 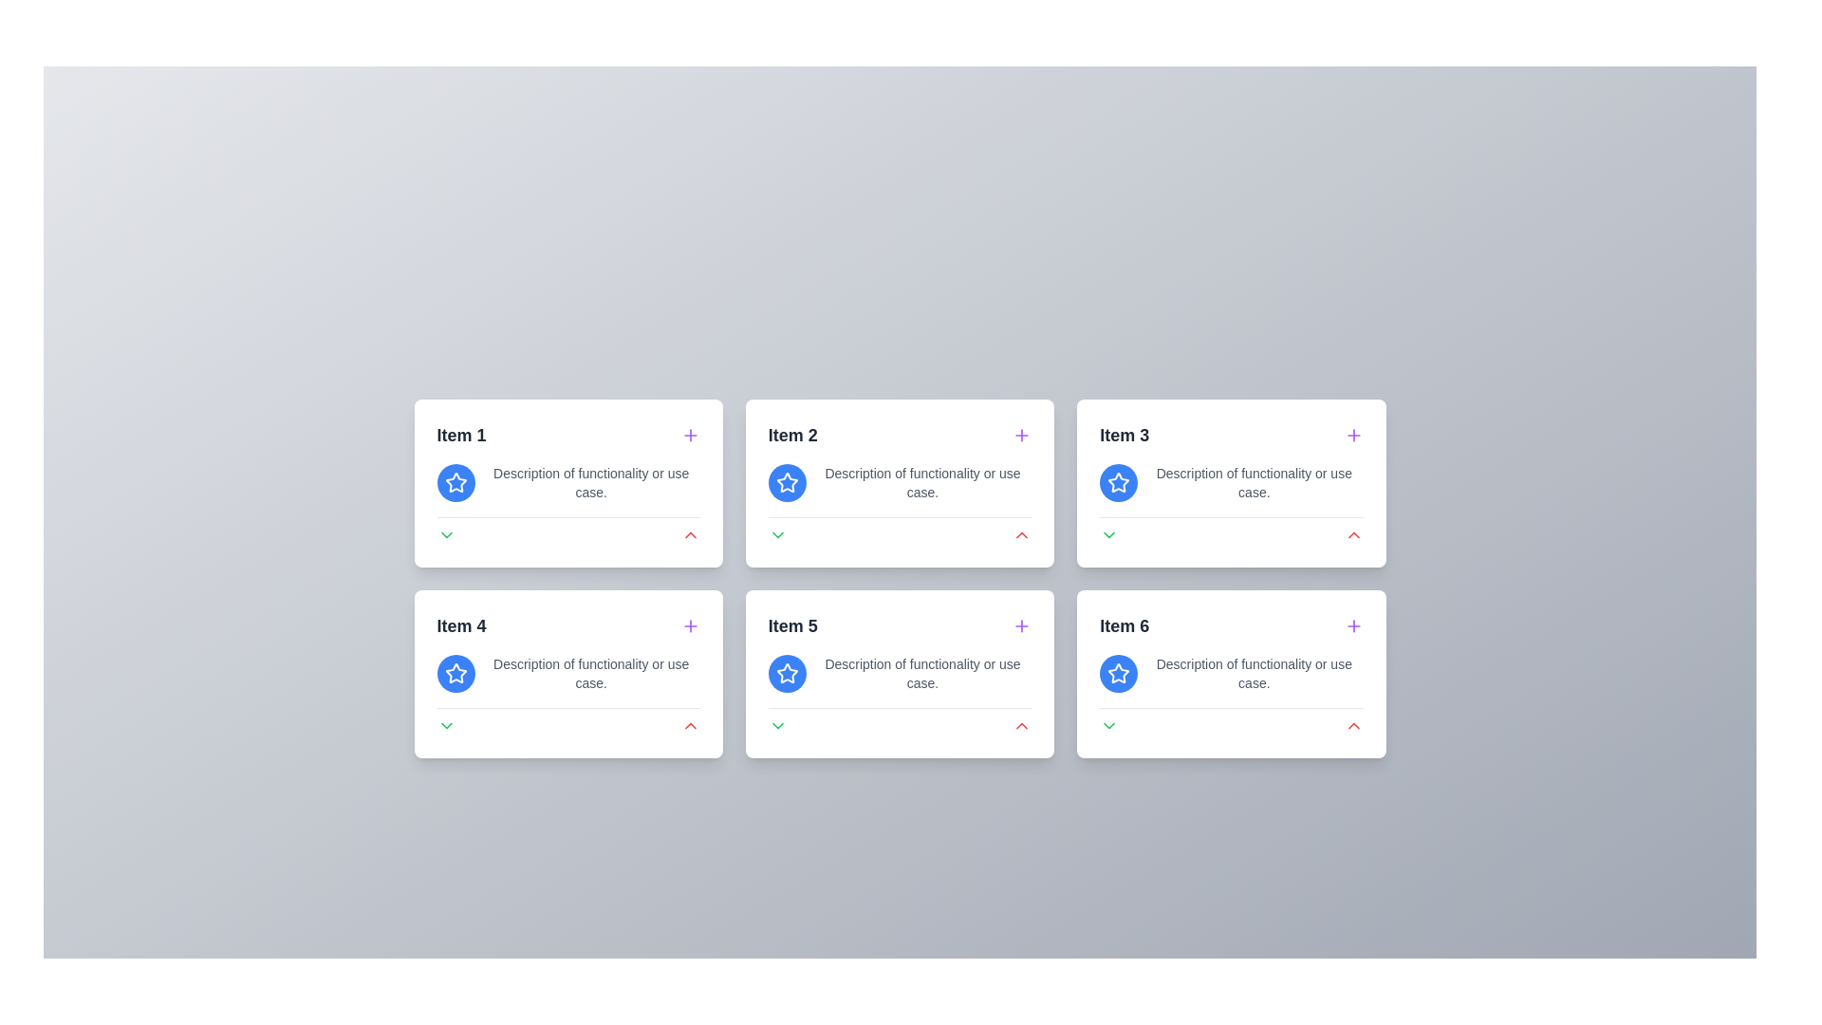 What do you see at coordinates (1109, 725) in the screenshot?
I see `the icon button in the bottom-left corner of the 'Item 6' card` at bounding box center [1109, 725].